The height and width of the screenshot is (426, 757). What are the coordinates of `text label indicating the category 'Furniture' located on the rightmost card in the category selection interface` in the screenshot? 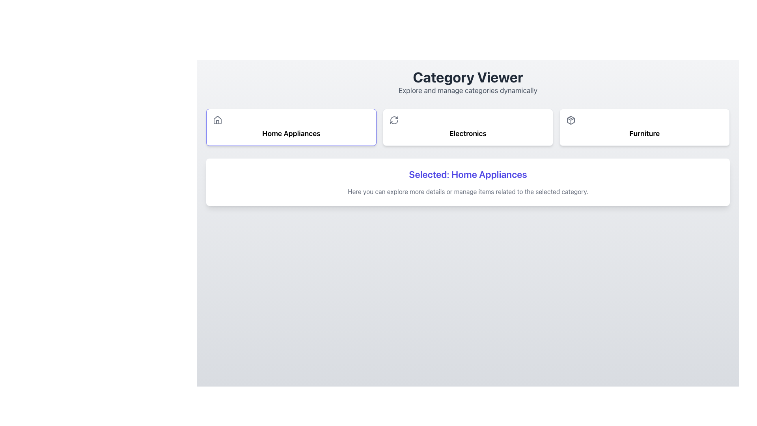 It's located at (645, 133).